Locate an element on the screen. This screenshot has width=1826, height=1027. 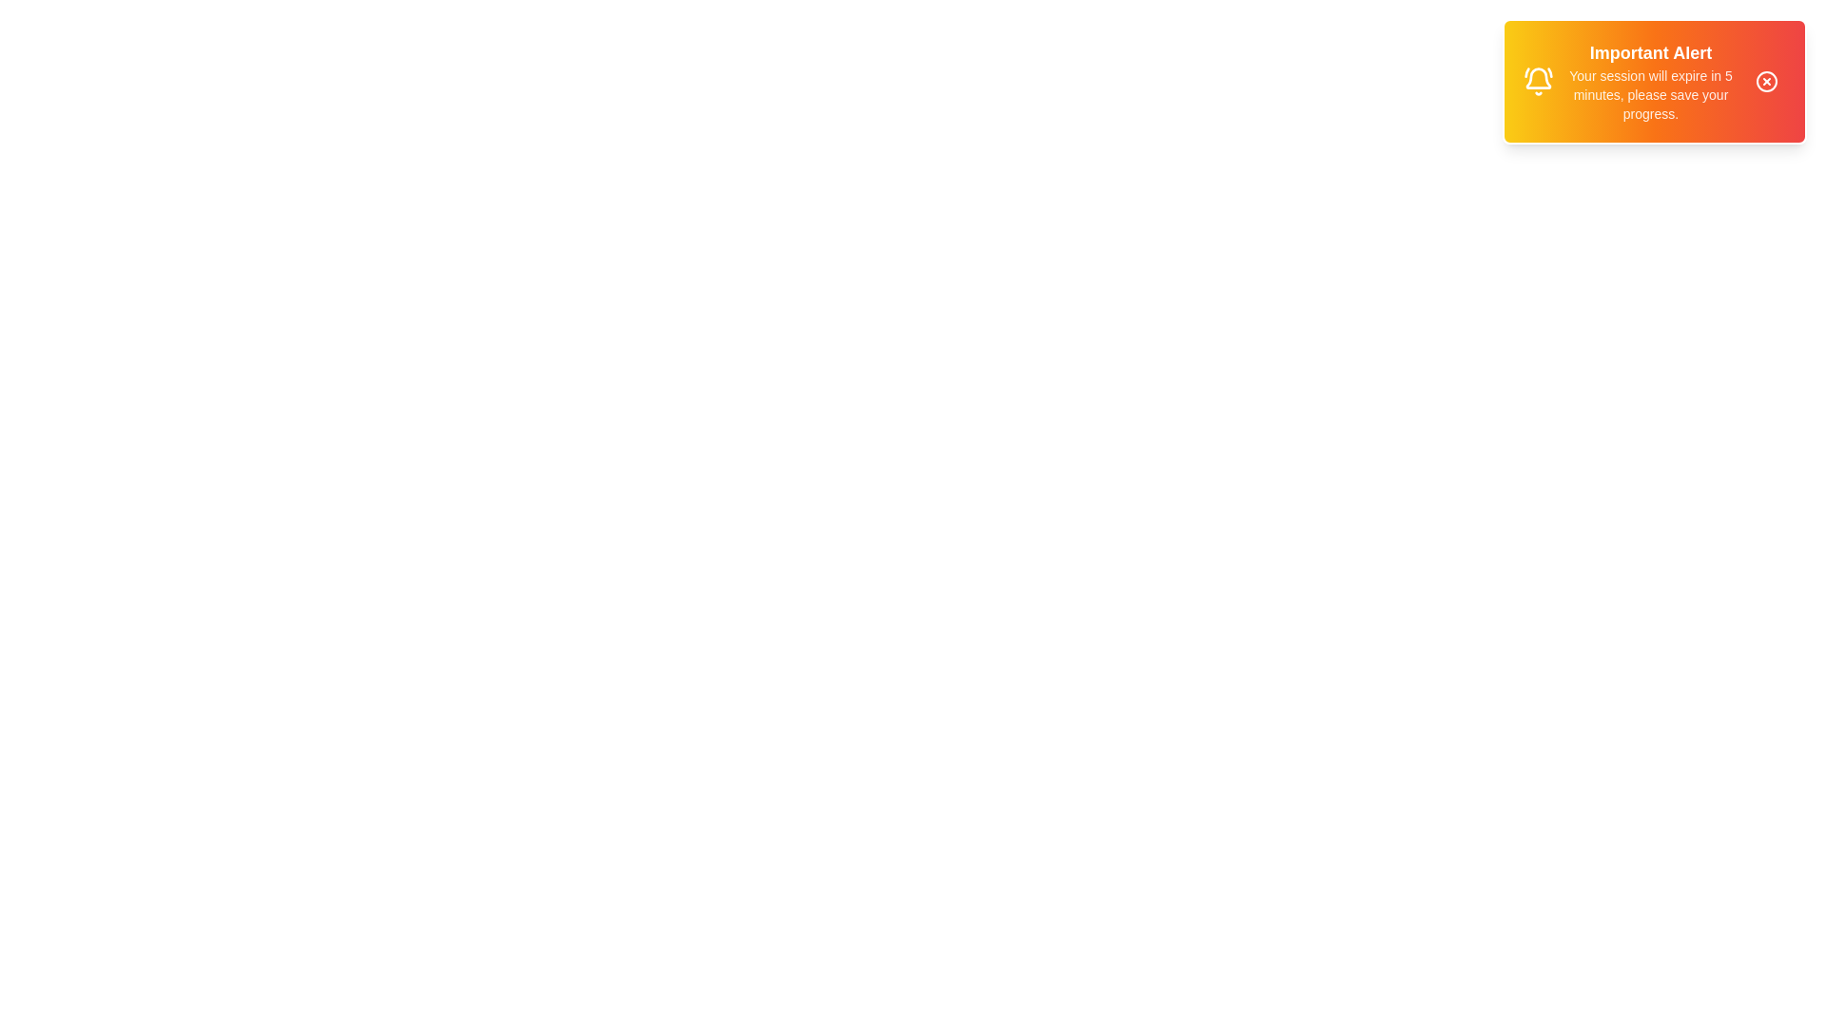
close button to dismiss the notification is located at coordinates (1765, 80).